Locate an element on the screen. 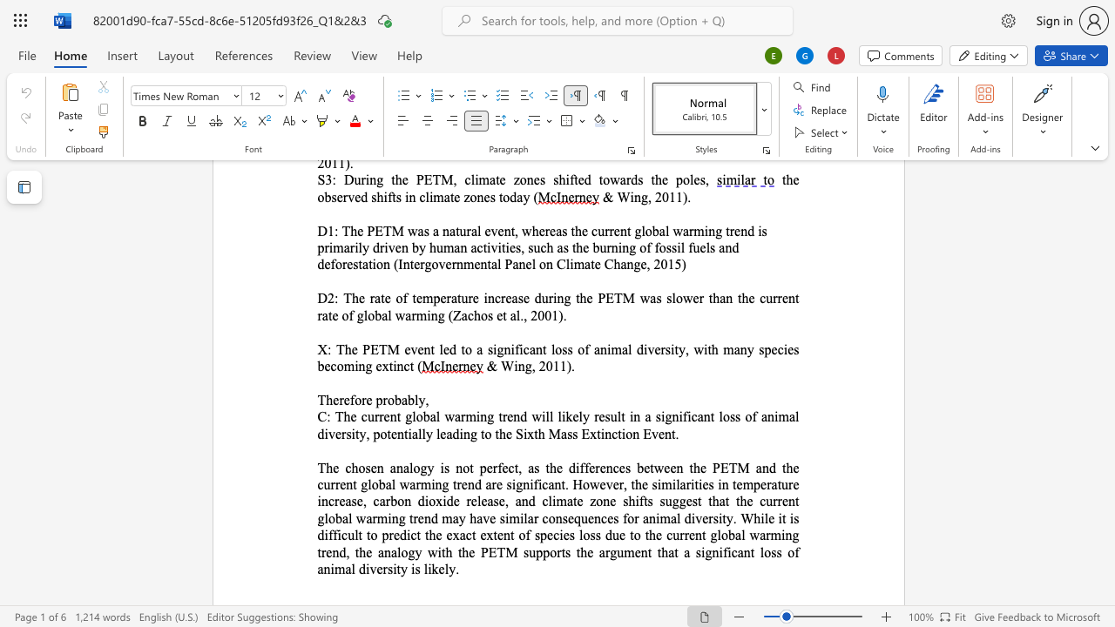 The height and width of the screenshot is (627, 1115). the 7th character "t" in the text is located at coordinates (354, 484).